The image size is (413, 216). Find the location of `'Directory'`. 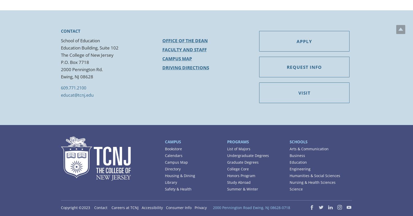

'Directory' is located at coordinates (165, 169).